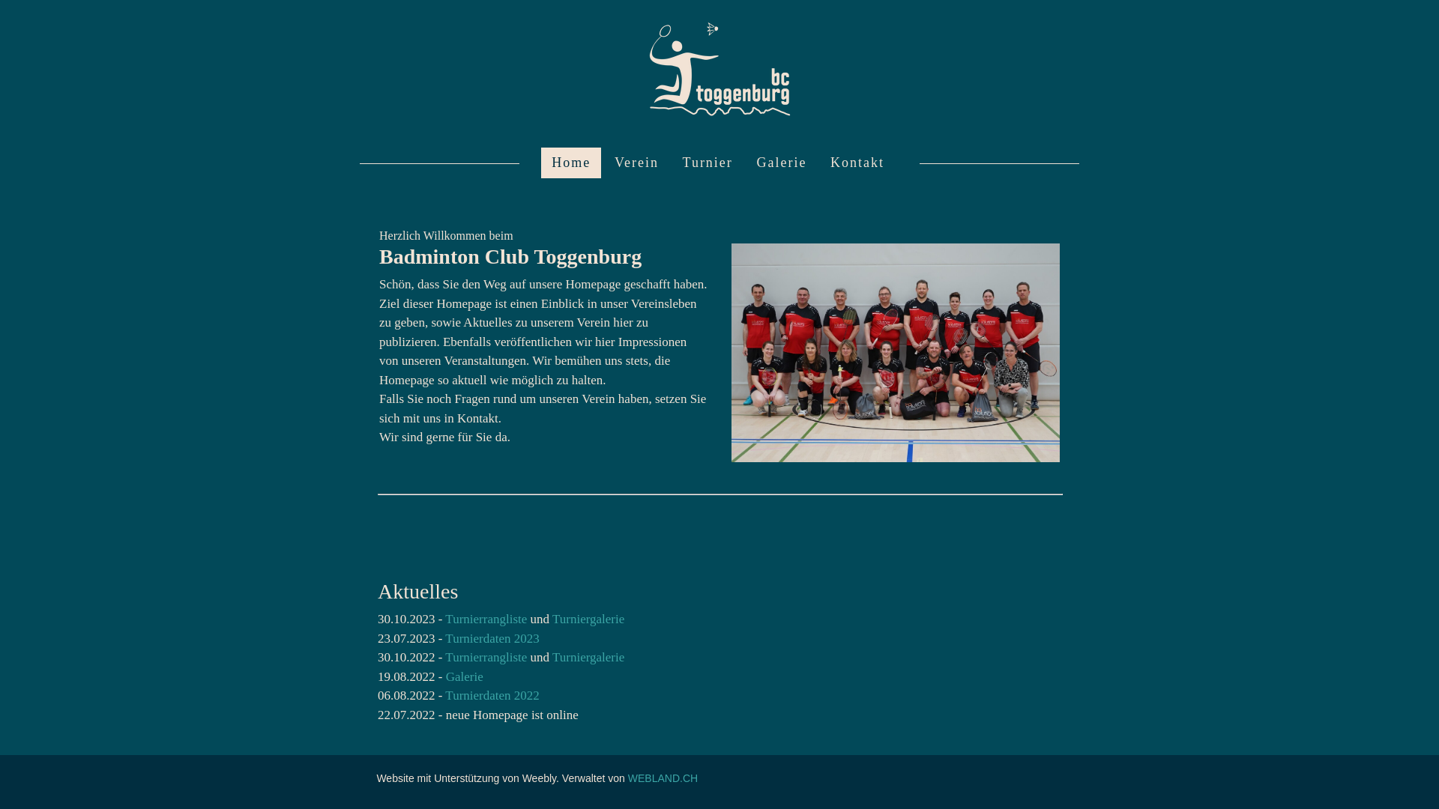 The image size is (1439, 809). What do you see at coordinates (819, 163) in the screenshot?
I see `'Kontakt'` at bounding box center [819, 163].